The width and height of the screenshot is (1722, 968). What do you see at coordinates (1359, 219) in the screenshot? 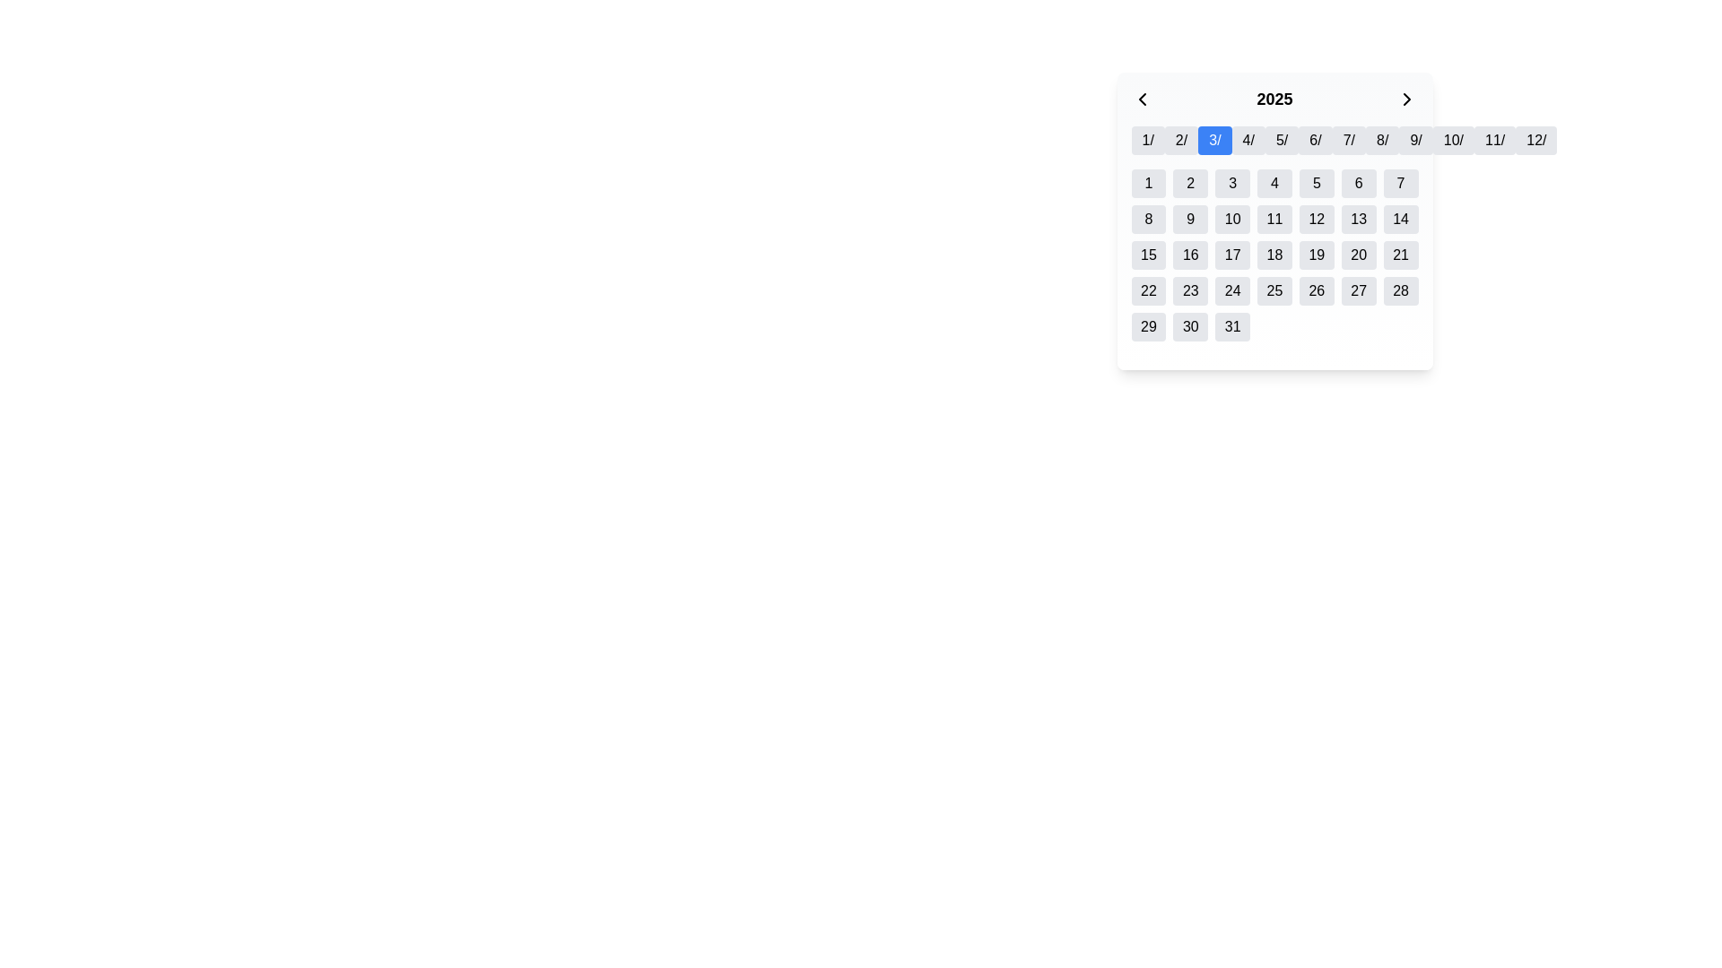
I see `the button representing the date '13' in the calendar interface` at bounding box center [1359, 219].